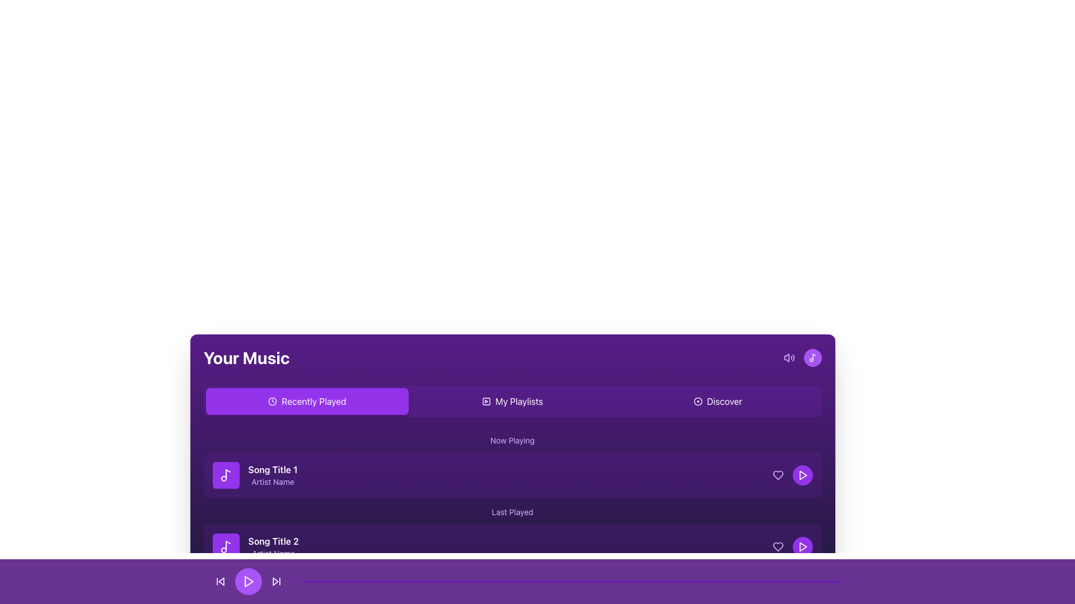  What do you see at coordinates (273, 475) in the screenshot?
I see `the text label displaying 'Song Title 1' in bold and 'Artist Name' in lighter purple, located in the 'Your Music' section below the 'Recently Played' tab` at bounding box center [273, 475].